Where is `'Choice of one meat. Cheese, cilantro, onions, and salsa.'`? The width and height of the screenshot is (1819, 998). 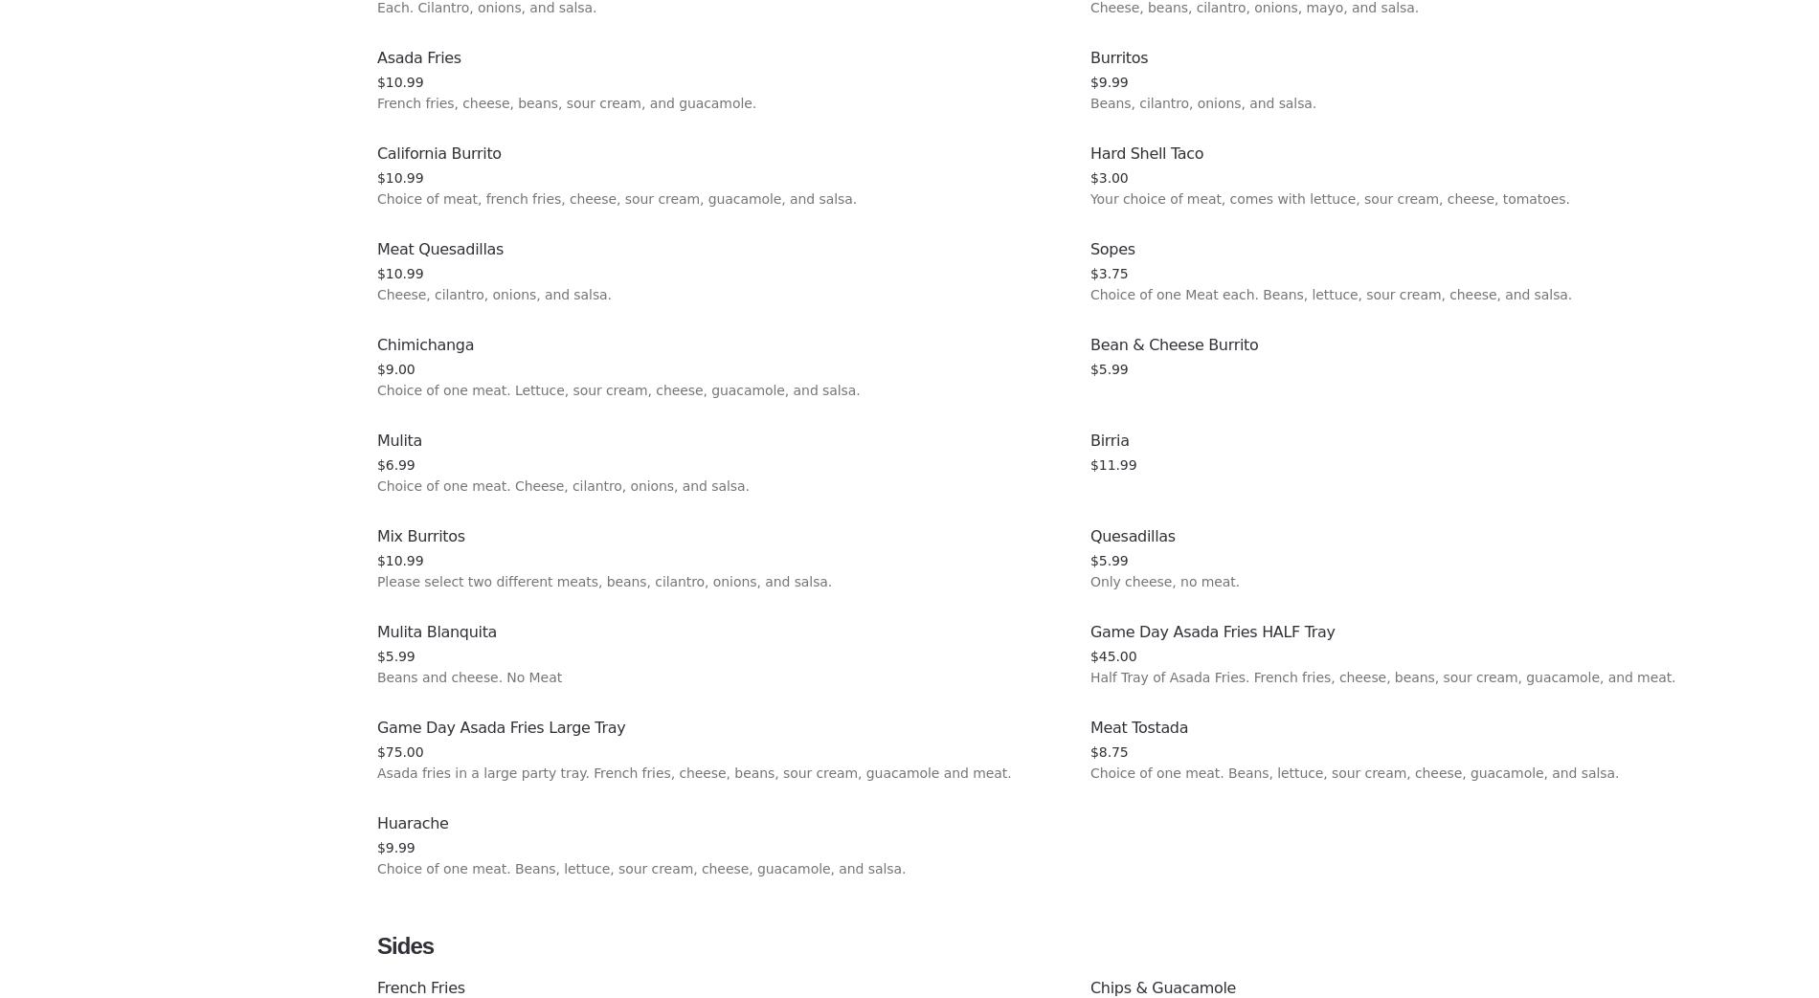
'Choice of one meat. Cheese, cilantro, onions, and salsa.' is located at coordinates (563, 485).